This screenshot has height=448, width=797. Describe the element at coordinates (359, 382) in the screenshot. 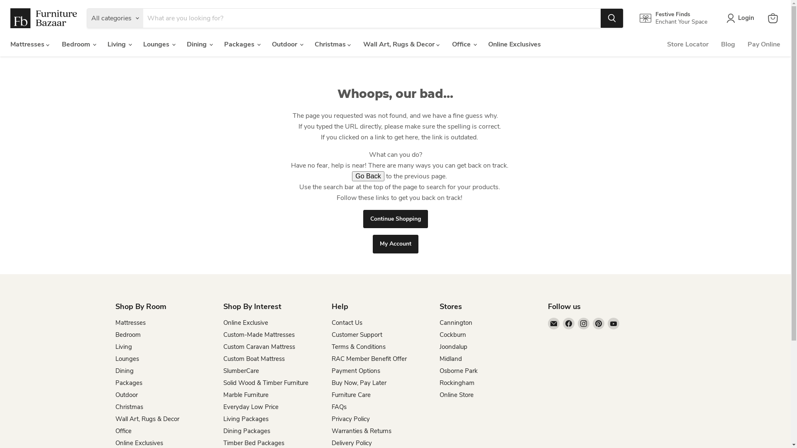

I see `'Buy Now, Pay Later'` at that location.